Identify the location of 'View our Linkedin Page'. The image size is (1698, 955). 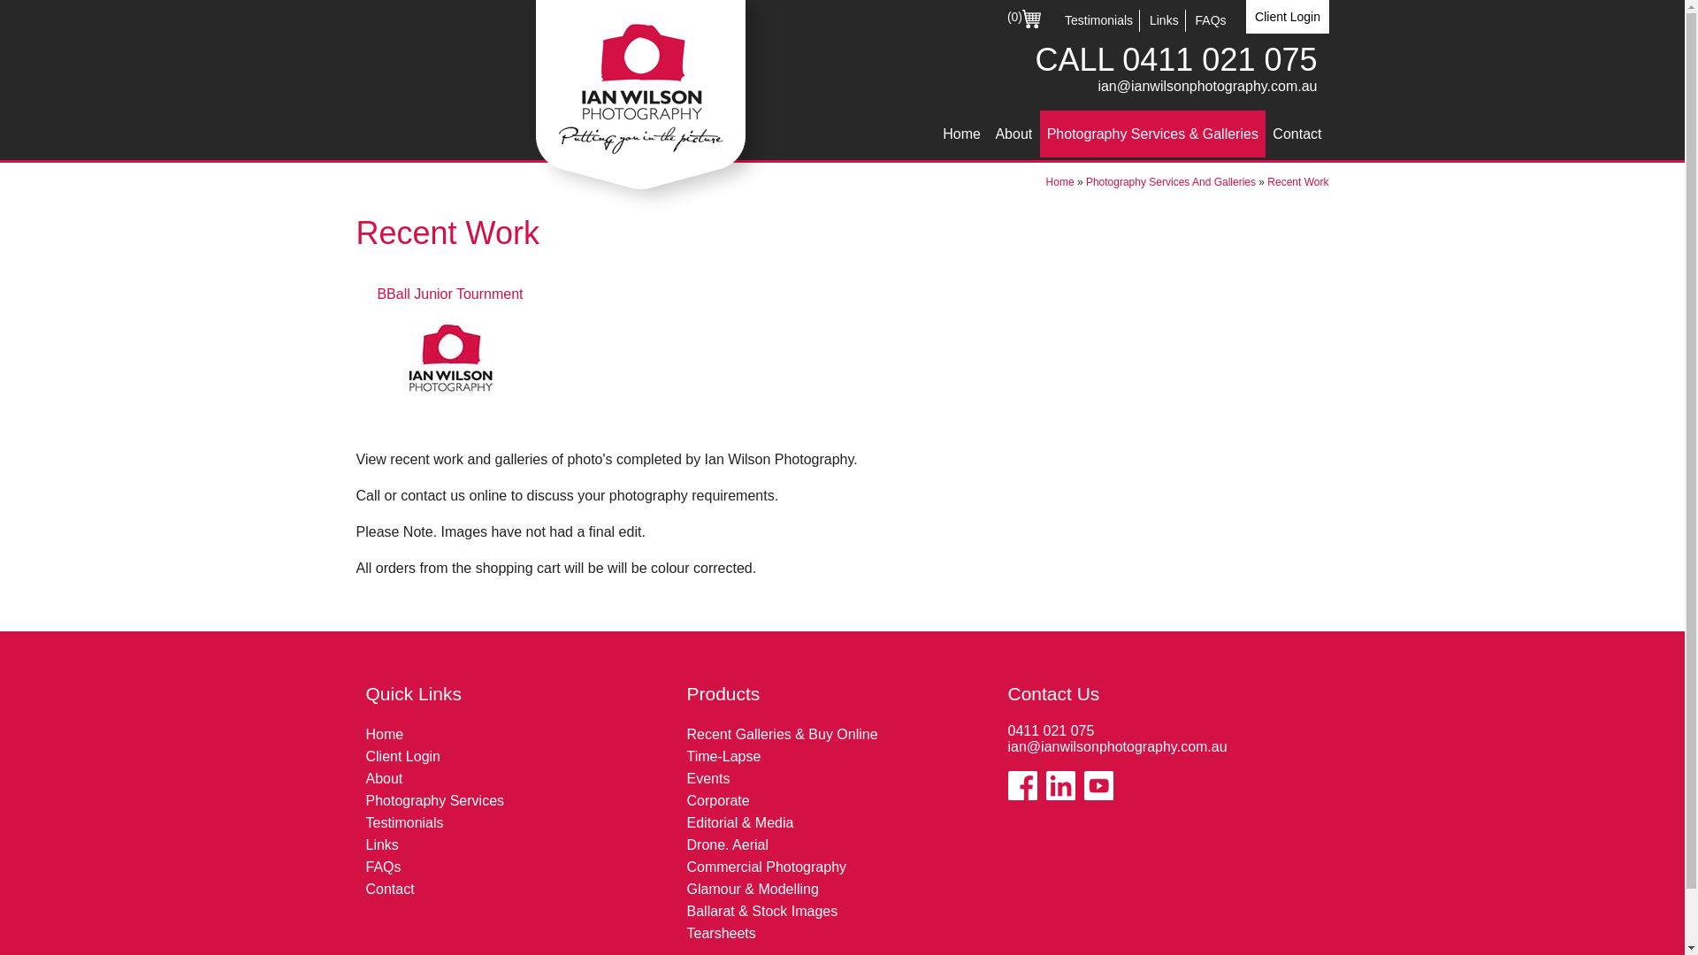
(1059, 784).